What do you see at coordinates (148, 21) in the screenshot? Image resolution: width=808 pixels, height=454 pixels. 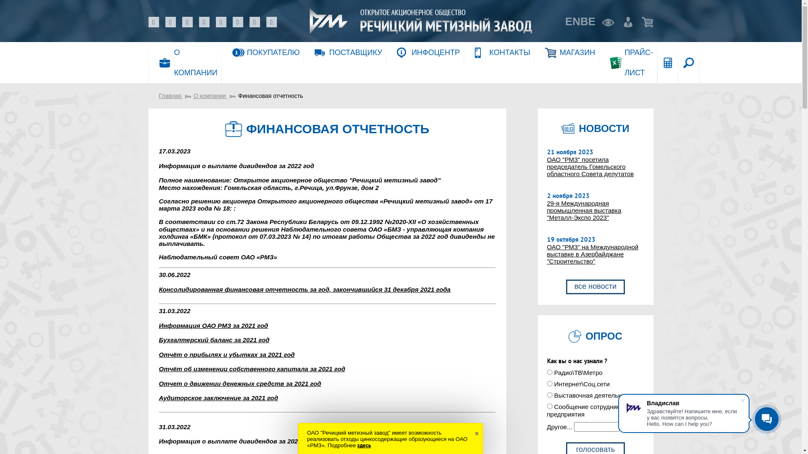 I see `'VK'` at bounding box center [148, 21].